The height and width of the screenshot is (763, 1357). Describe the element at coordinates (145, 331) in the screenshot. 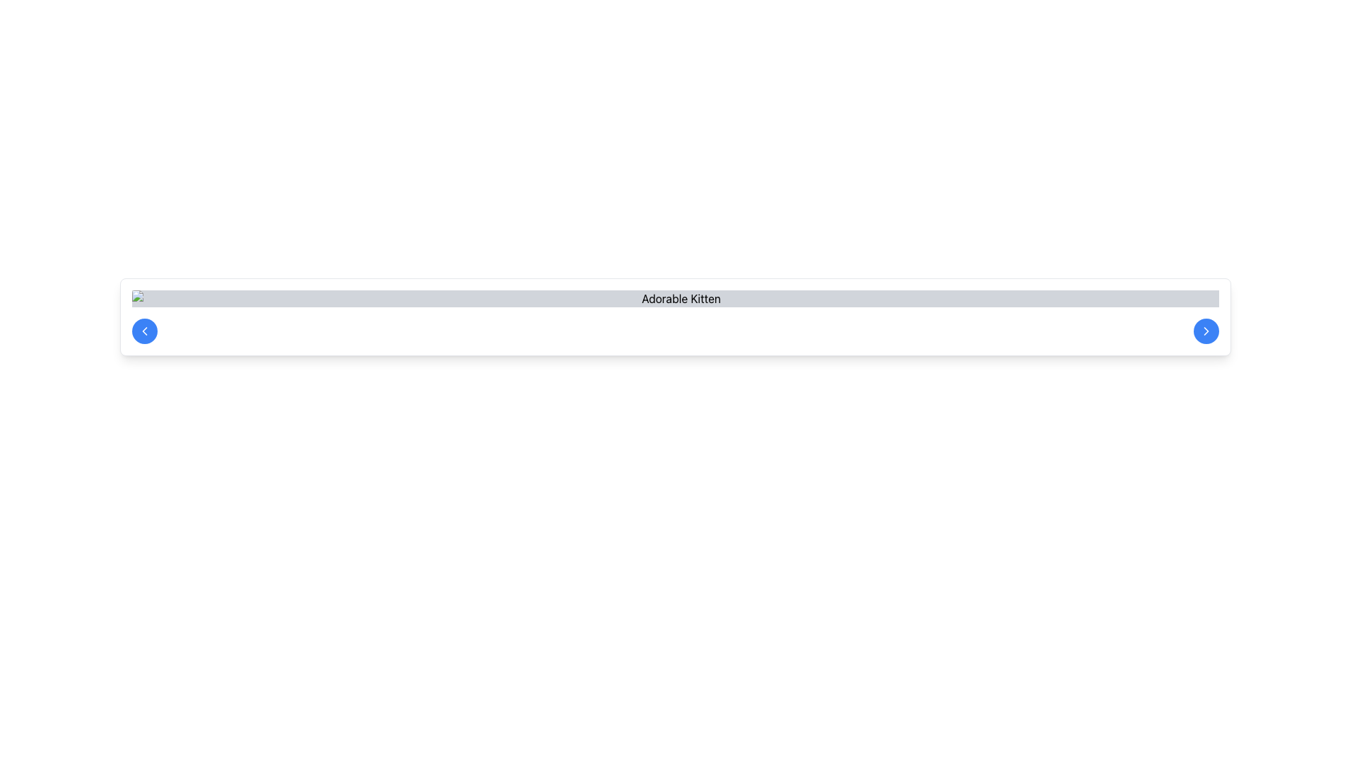

I see `the navigation button located on the left-hand side of the horizontal bar` at that location.